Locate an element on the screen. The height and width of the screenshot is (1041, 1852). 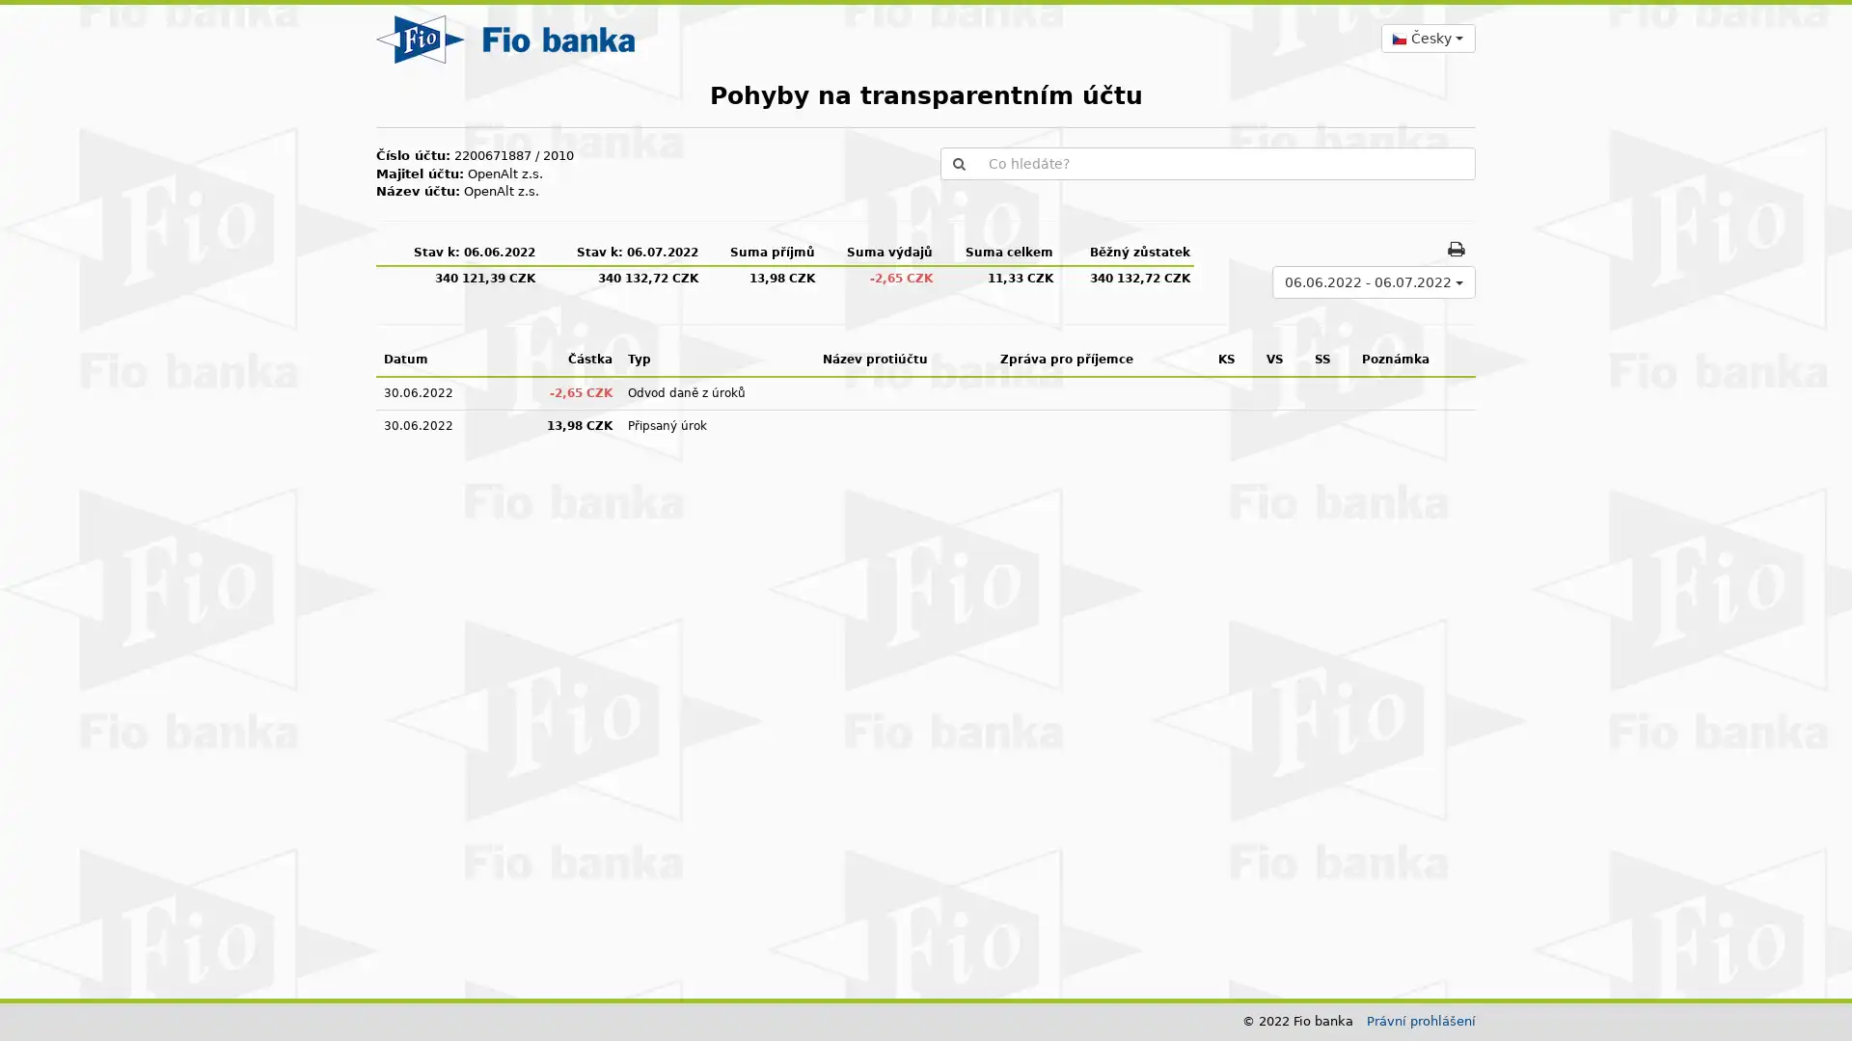
Cesky is located at coordinates (1427, 38).